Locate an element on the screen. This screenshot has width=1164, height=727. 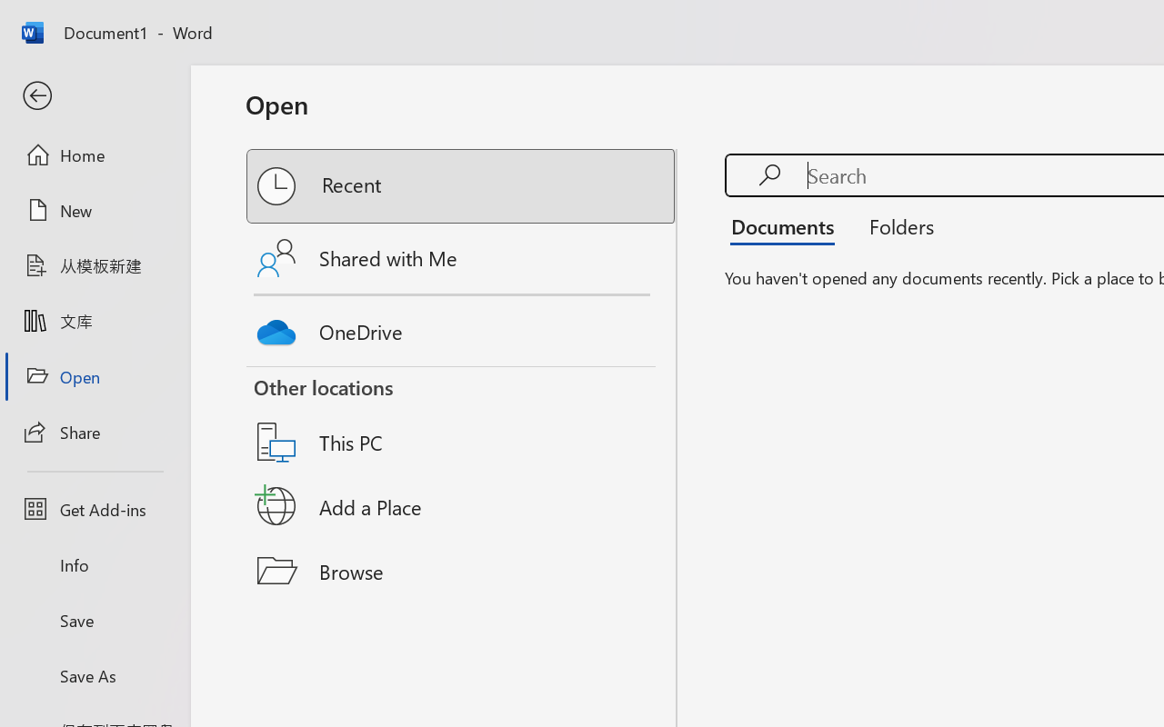
'Info' is located at coordinates (94, 564).